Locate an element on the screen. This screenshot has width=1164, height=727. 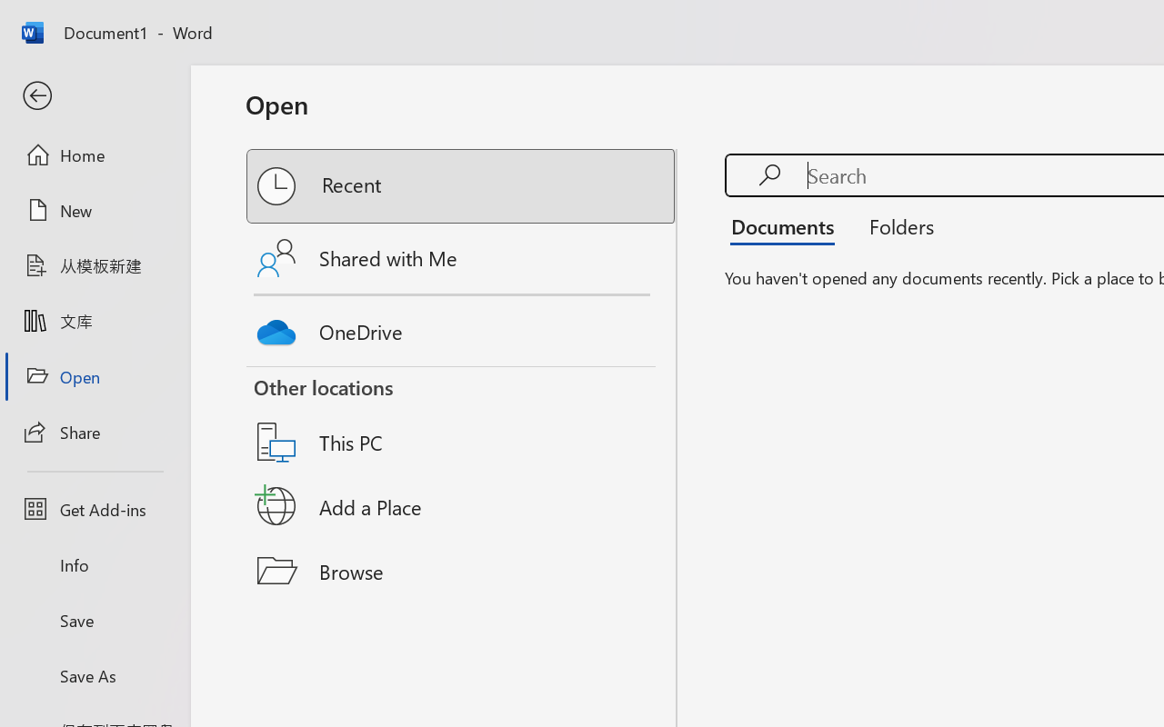
'Info' is located at coordinates (94, 564).